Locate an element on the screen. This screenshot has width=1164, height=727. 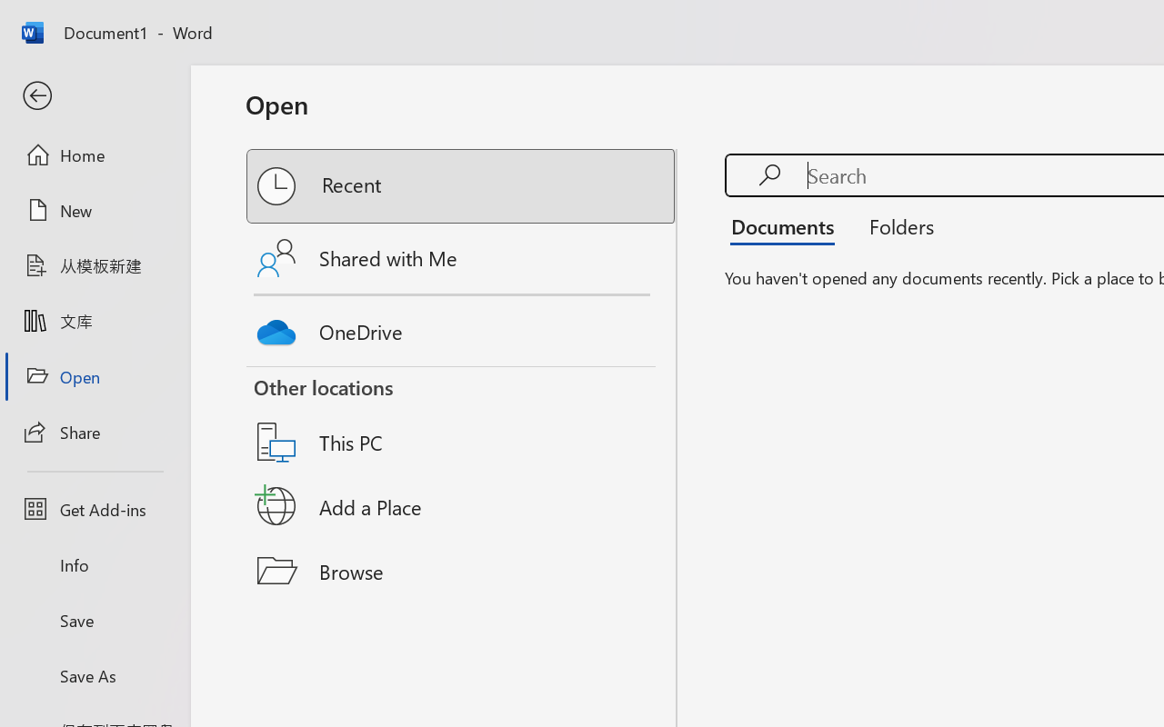
'Info' is located at coordinates (94, 564).